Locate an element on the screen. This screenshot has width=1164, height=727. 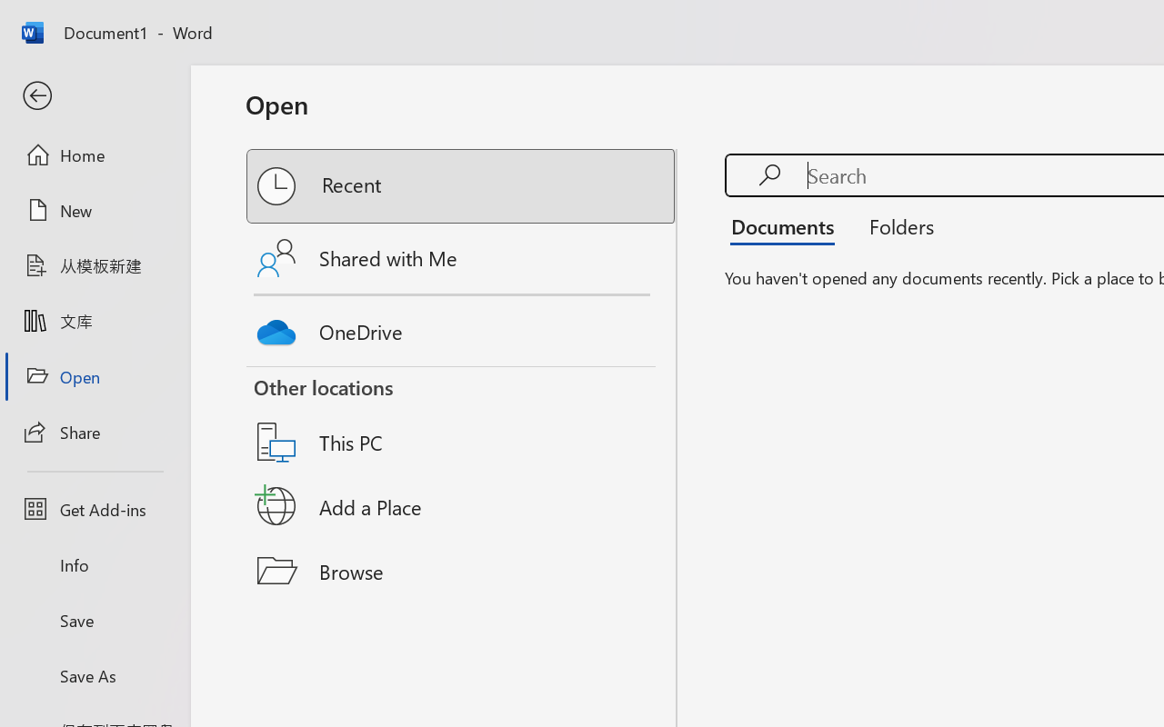
'Info' is located at coordinates (94, 564).